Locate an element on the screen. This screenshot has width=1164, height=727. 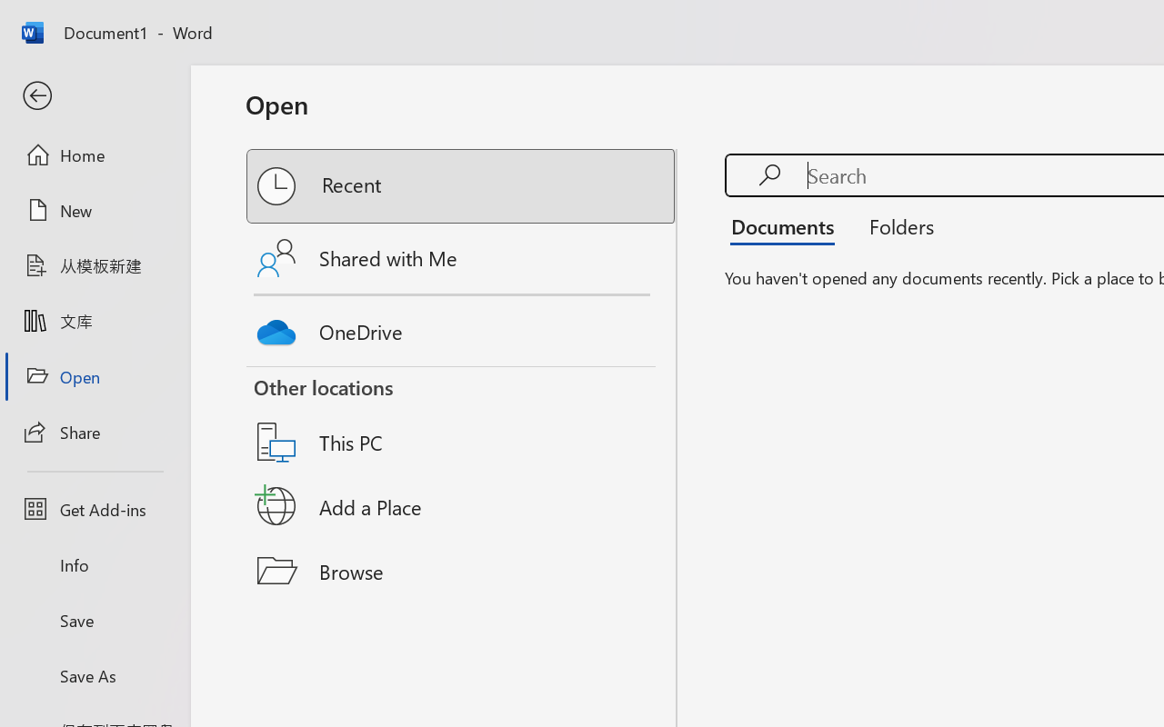
'Info' is located at coordinates (94, 564).